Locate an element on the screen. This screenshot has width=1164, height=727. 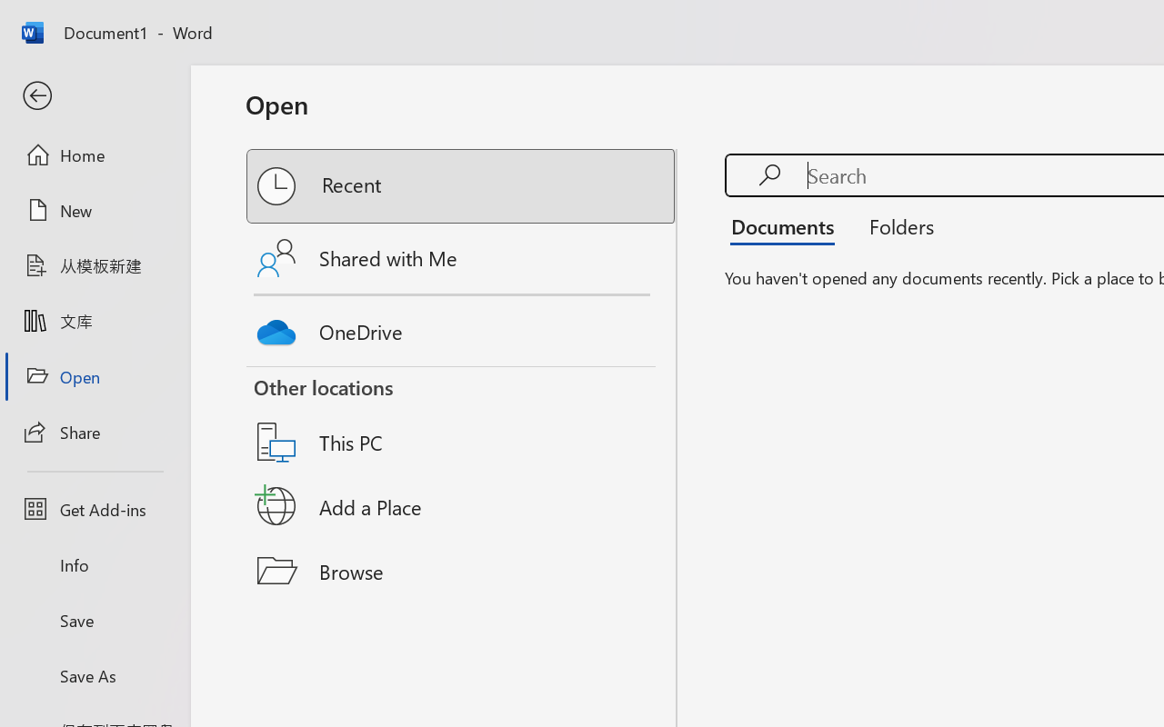
'Info' is located at coordinates (94, 564).